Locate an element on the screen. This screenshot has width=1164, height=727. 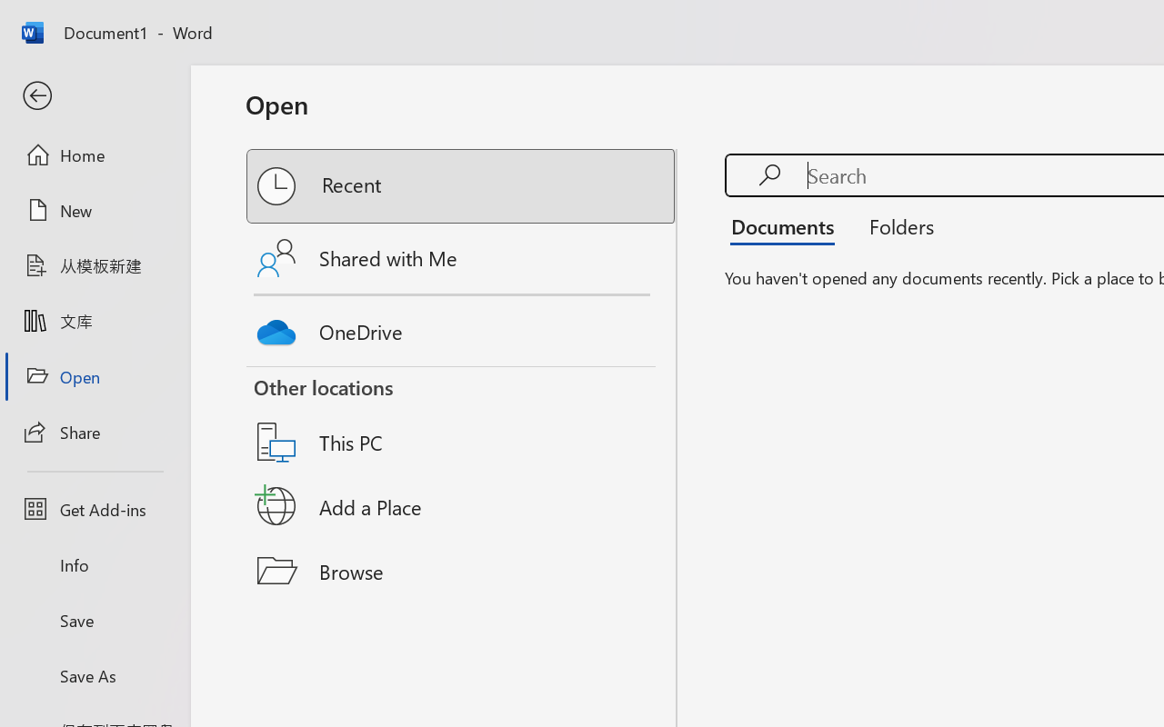
'Info' is located at coordinates (94, 564).